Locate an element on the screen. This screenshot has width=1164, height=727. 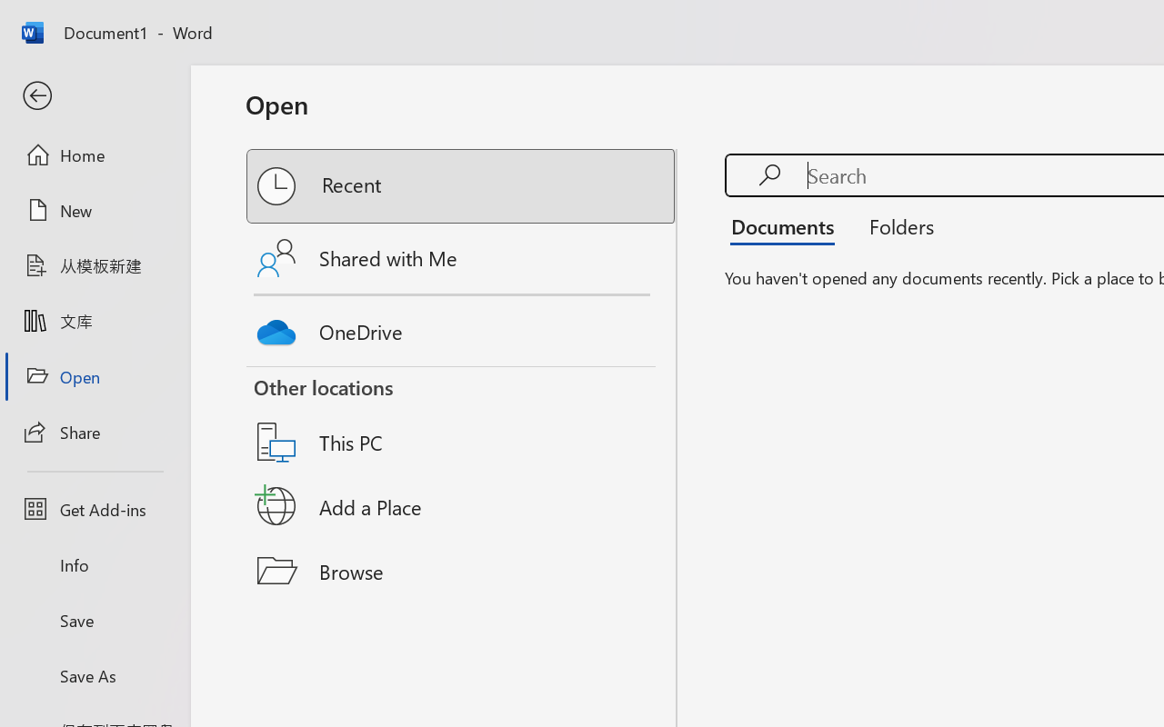
'Info' is located at coordinates (94, 564).